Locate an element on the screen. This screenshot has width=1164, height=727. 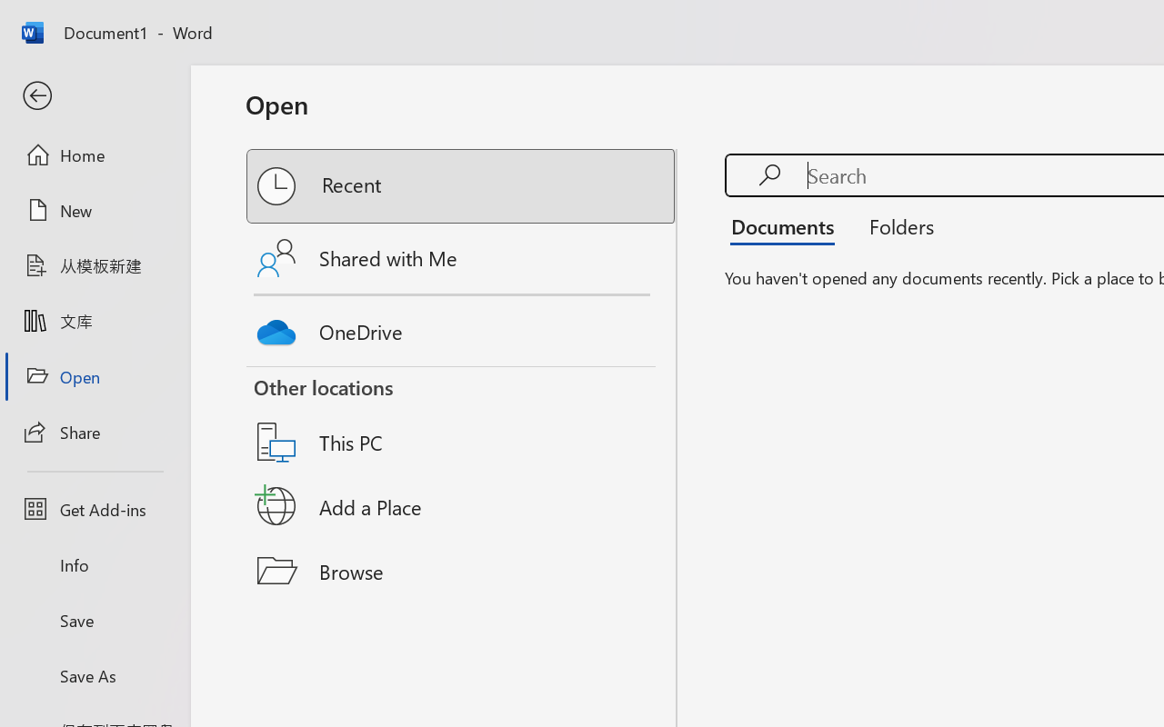
'Info' is located at coordinates (94, 564).